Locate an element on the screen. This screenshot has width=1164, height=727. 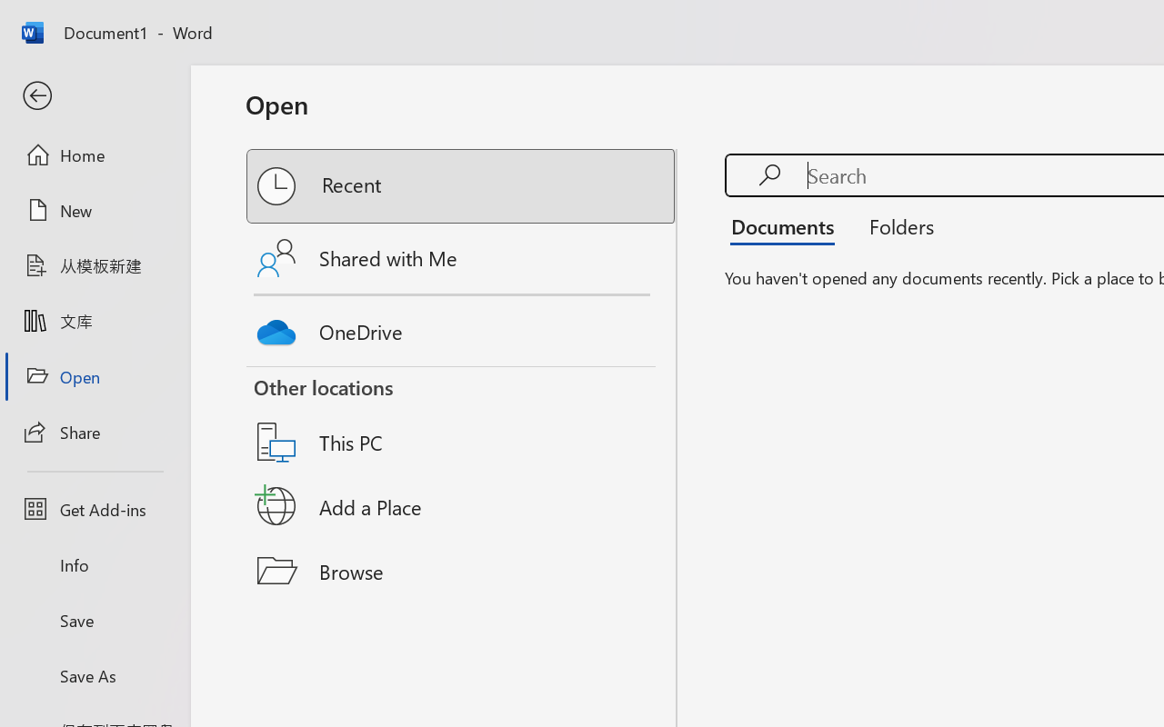
'Info' is located at coordinates (94, 564).